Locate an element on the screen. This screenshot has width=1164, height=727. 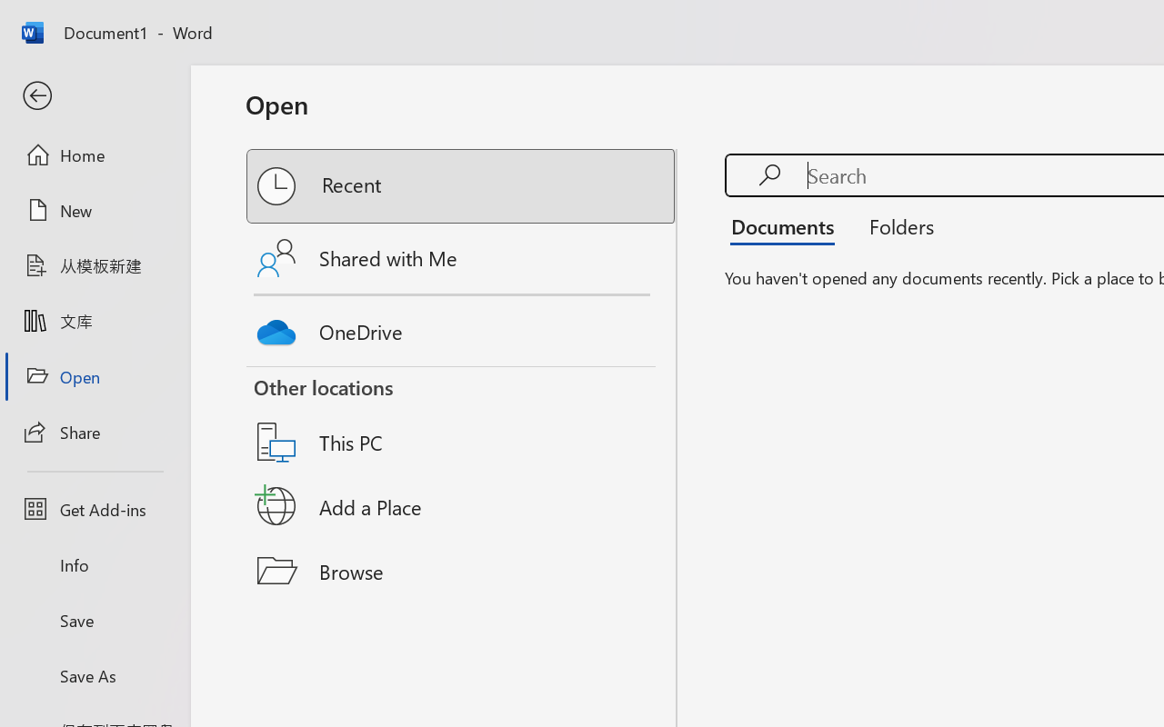
'Info' is located at coordinates (94, 564).